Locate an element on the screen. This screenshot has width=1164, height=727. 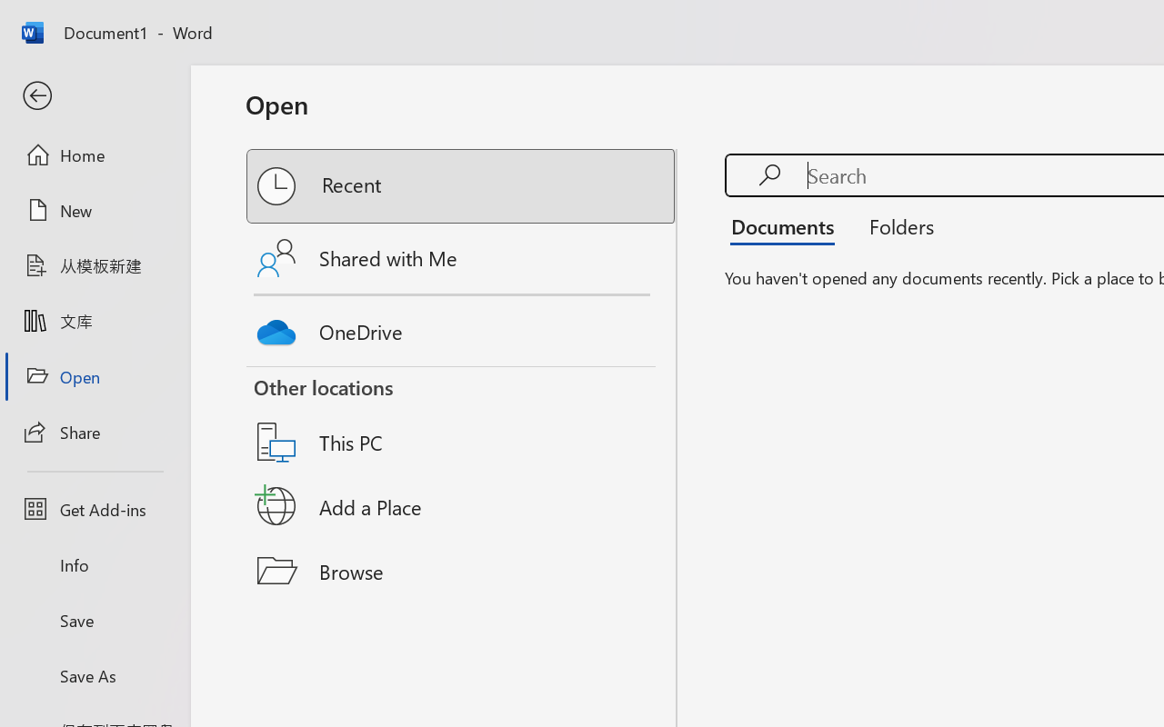
'Info' is located at coordinates (94, 564).